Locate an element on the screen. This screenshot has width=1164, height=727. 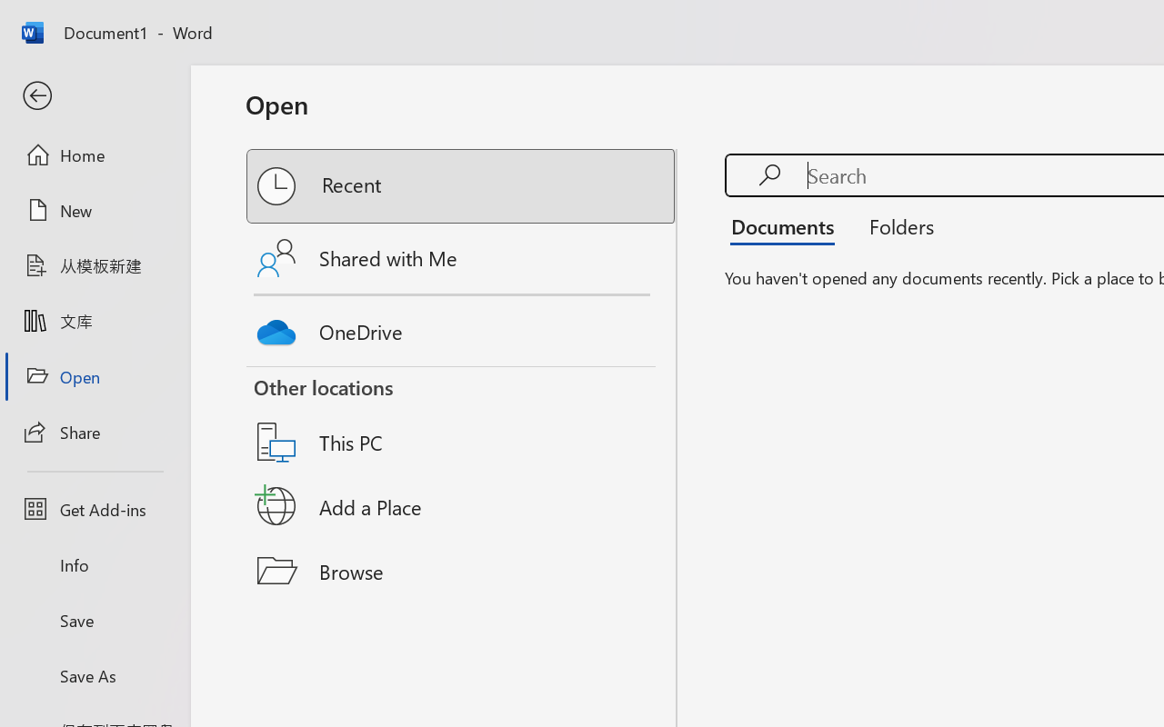
'Info' is located at coordinates (94, 564).